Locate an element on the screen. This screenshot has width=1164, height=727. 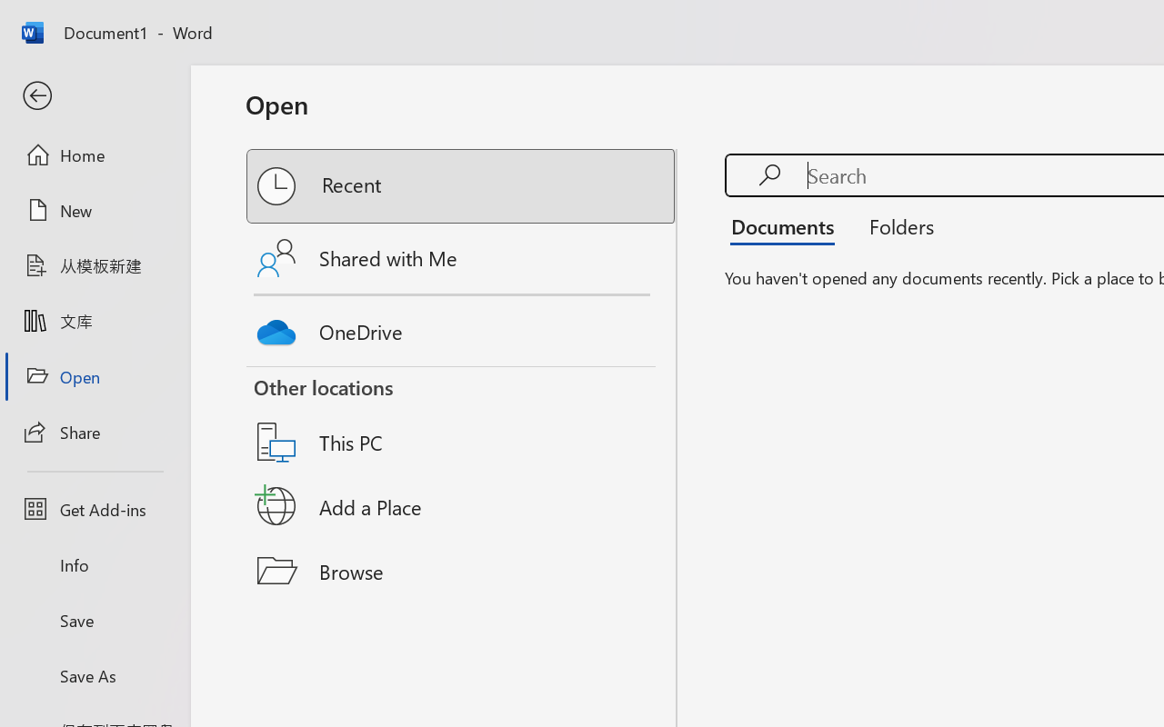
'Info' is located at coordinates (94, 564).